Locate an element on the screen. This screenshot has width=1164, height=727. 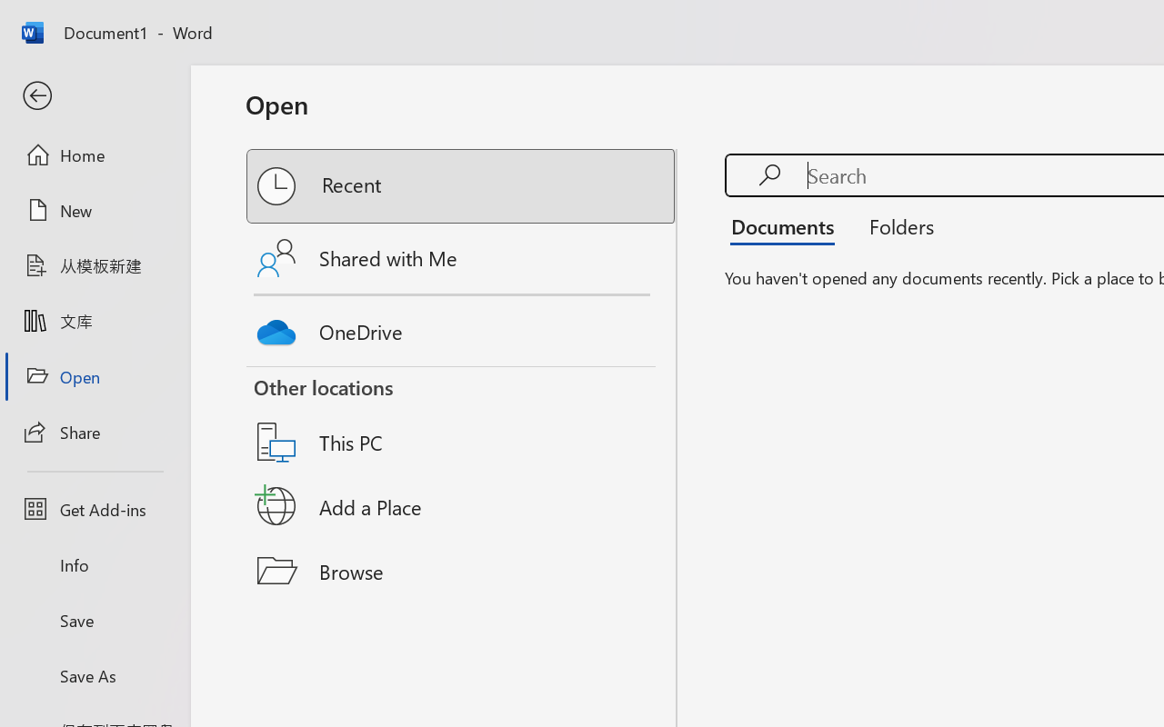
'Info' is located at coordinates (94, 564).